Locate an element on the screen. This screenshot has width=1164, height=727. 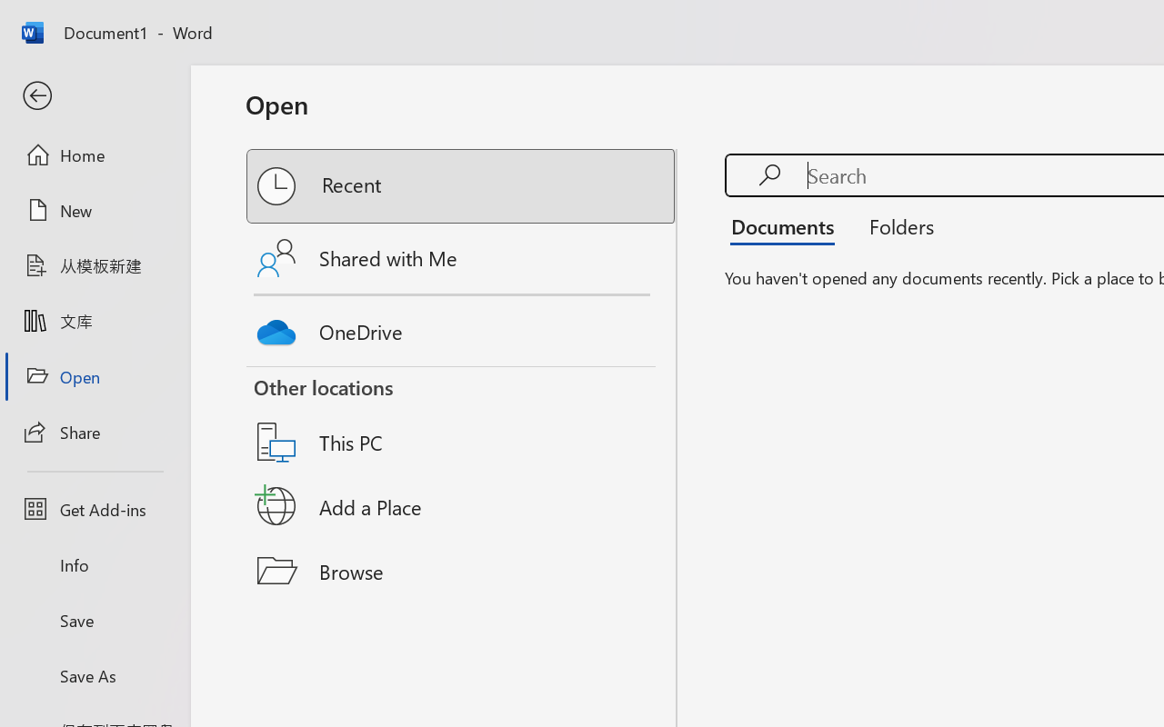
'Info' is located at coordinates (94, 564).